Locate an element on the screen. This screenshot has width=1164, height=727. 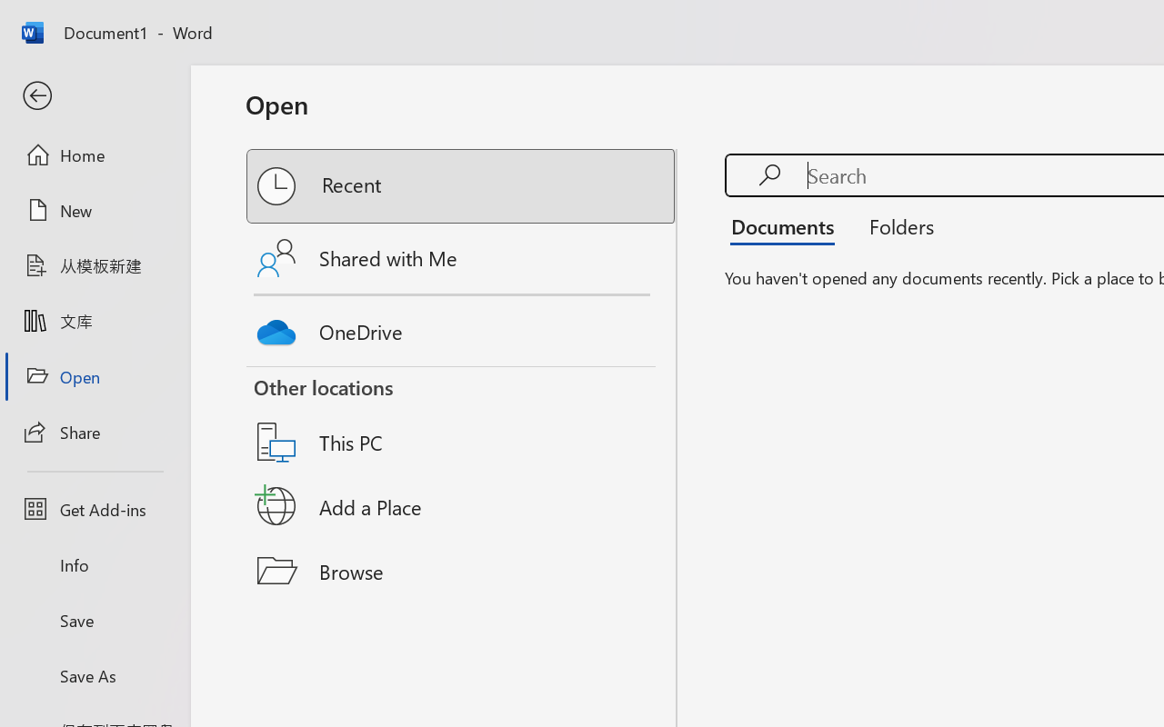
'Info' is located at coordinates (94, 564).